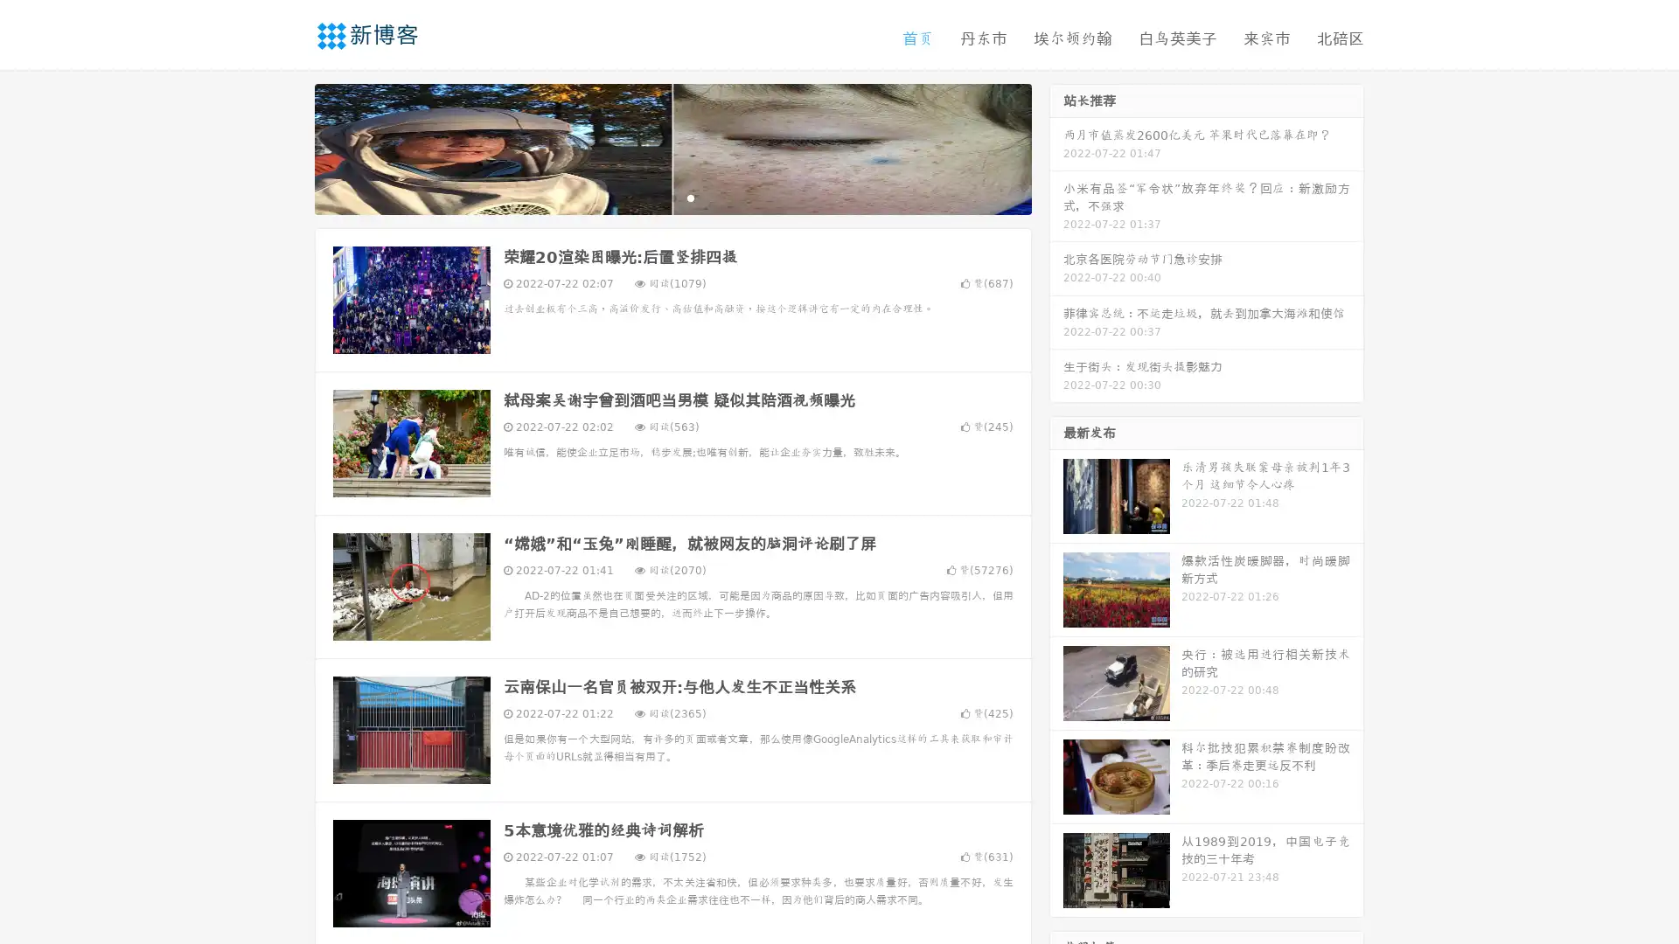  Describe the element at coordinates (1056, 147) in the screenshot. I see `Next slide` at that location.